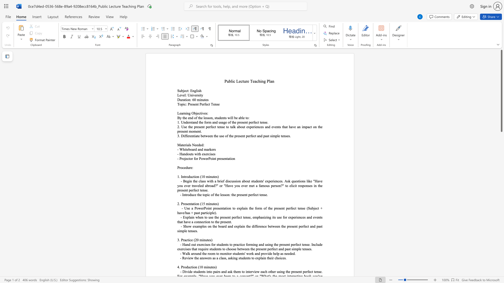 Image resolution: width=504 pixels, height=283 pixels. What do you see at coordinates (200, 117) in the screenshot?
I see `the 2th character "h" in the text` at bounding box center [200, 117].